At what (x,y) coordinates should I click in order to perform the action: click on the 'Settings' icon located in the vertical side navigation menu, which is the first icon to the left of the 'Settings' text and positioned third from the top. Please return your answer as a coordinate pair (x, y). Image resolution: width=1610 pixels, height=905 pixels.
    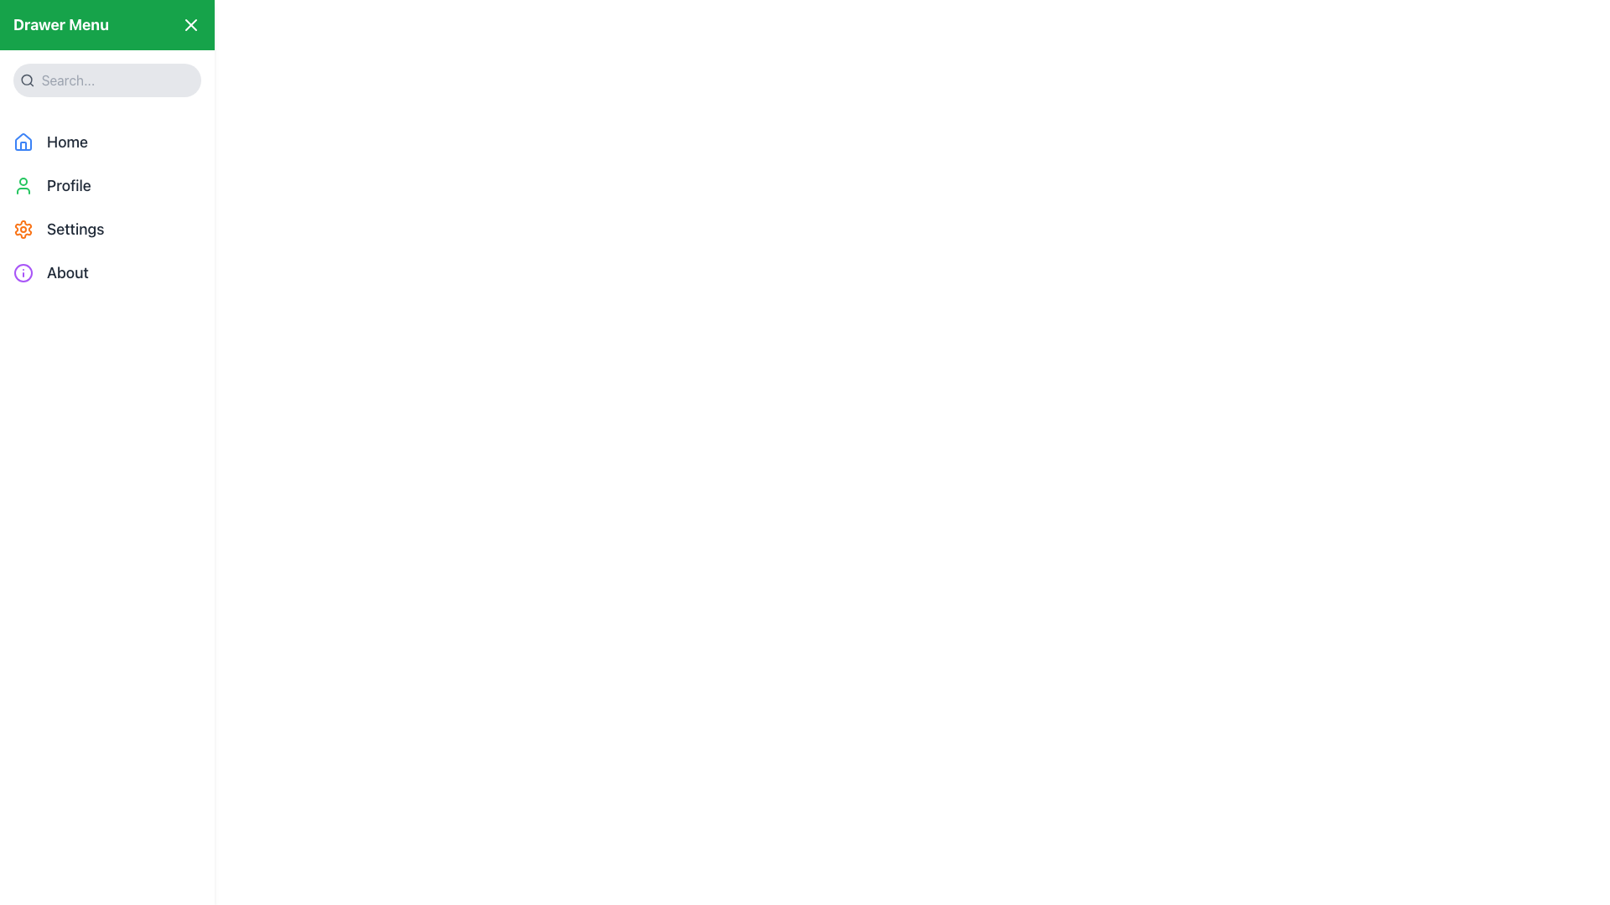
    Looking at the image, I should click on (23, 229).